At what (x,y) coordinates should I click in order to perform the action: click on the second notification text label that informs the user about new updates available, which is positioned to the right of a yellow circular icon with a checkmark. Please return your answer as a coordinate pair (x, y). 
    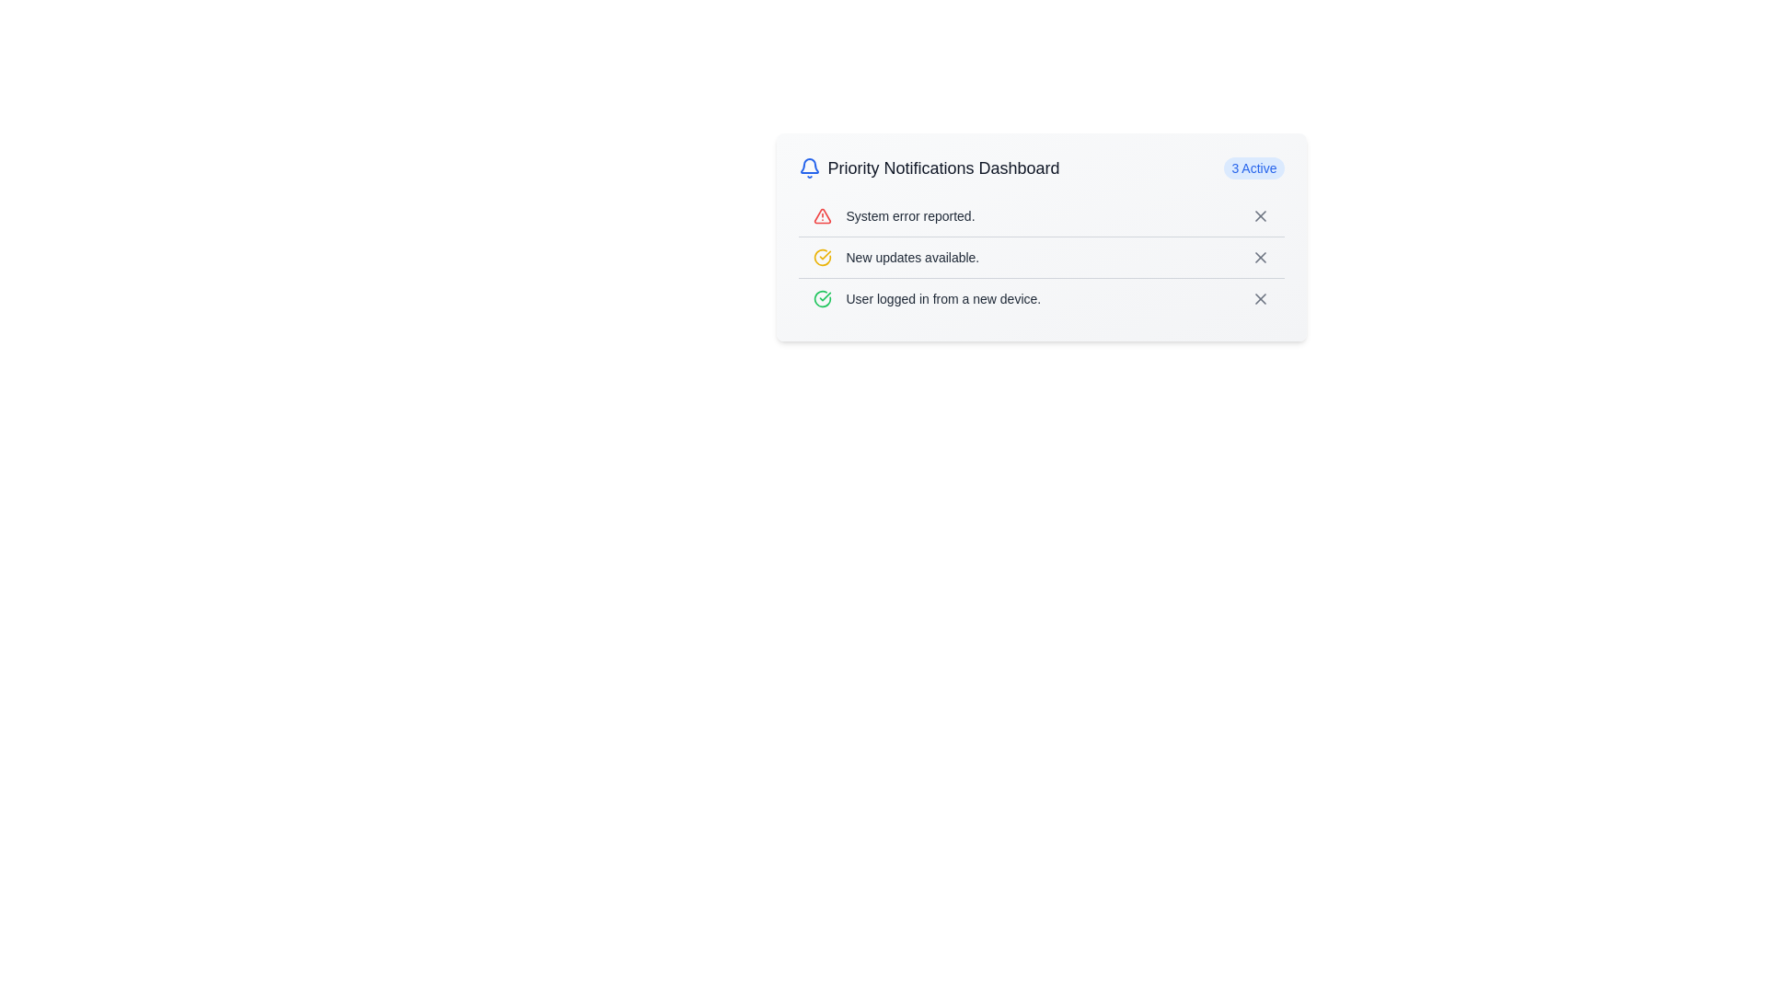
    Looking at the image, I should click on (912, 258).